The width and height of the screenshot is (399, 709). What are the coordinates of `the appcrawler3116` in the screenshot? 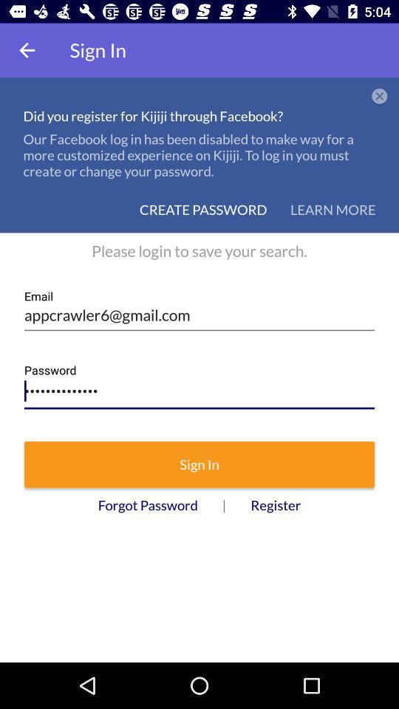 It's located at (199, 387).